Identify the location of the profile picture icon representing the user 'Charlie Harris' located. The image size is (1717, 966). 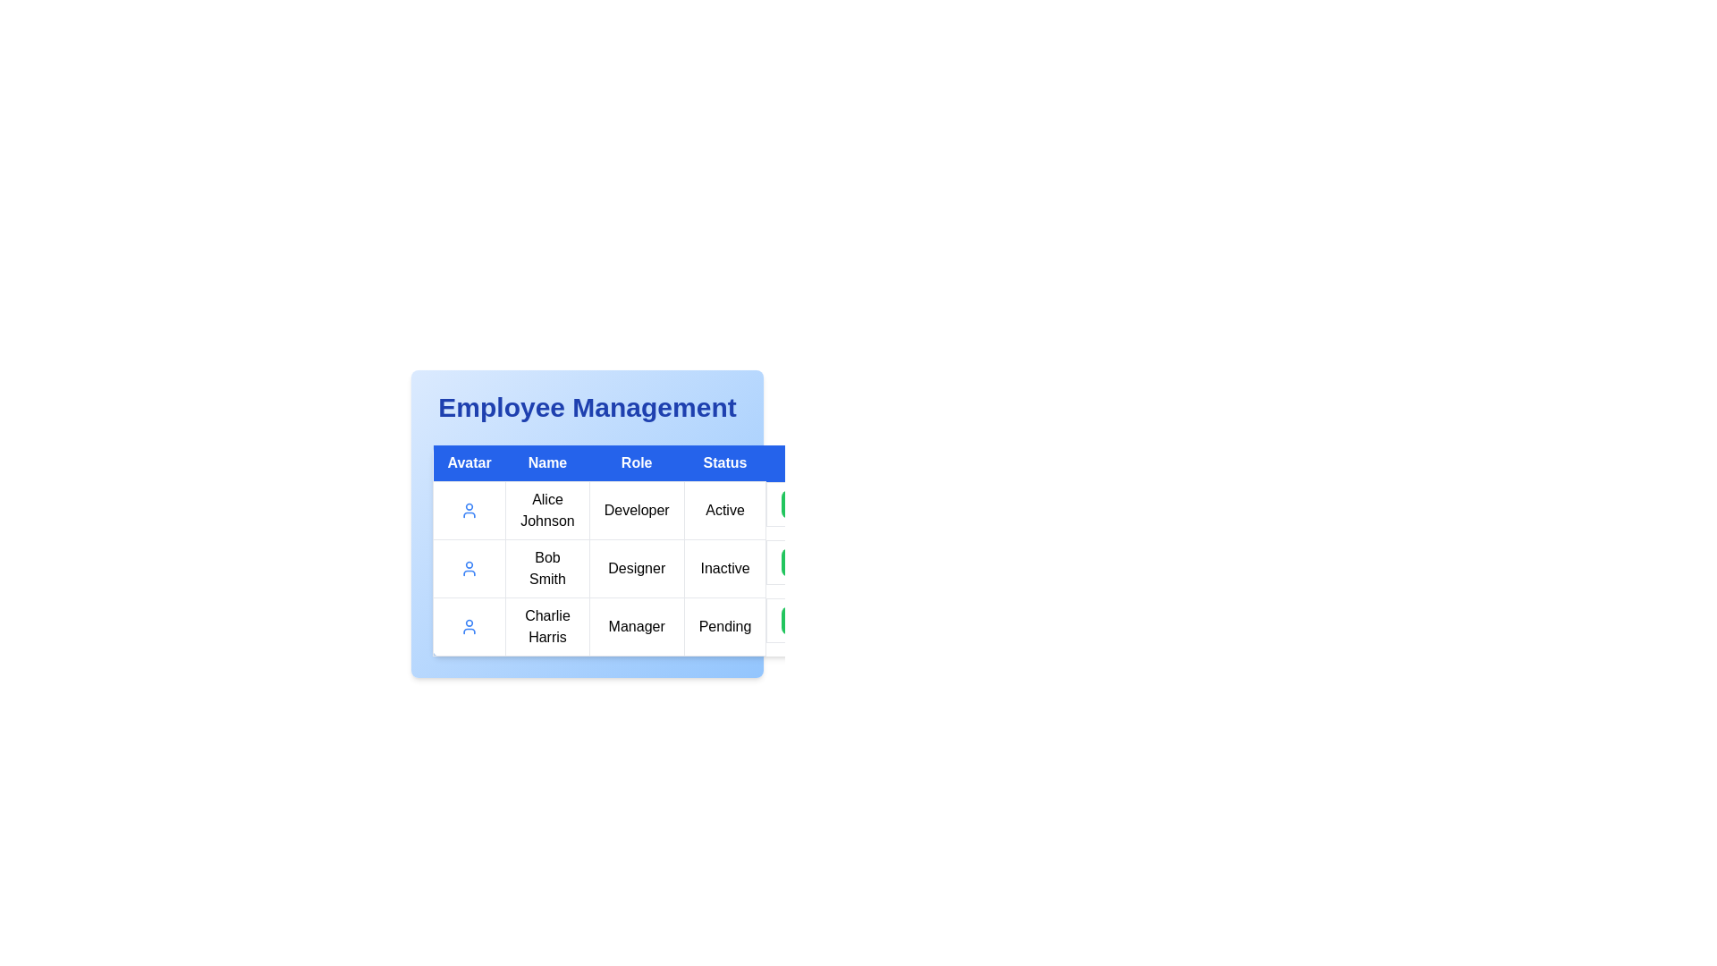
(469, 626).